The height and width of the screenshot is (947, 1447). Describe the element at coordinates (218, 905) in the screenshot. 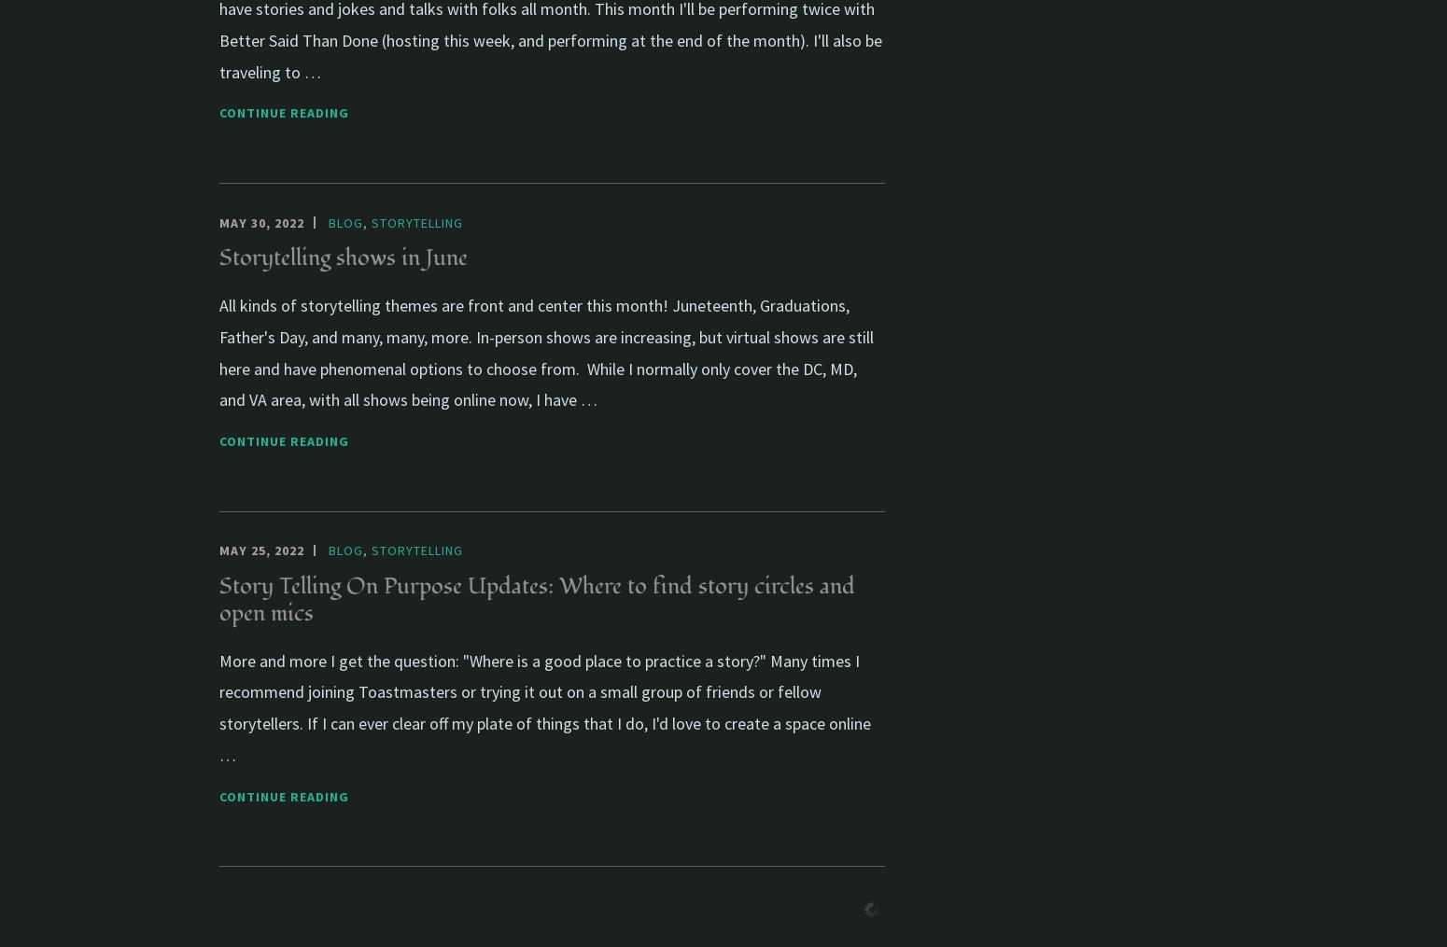

I see `'May 23, 2022'` at that location.